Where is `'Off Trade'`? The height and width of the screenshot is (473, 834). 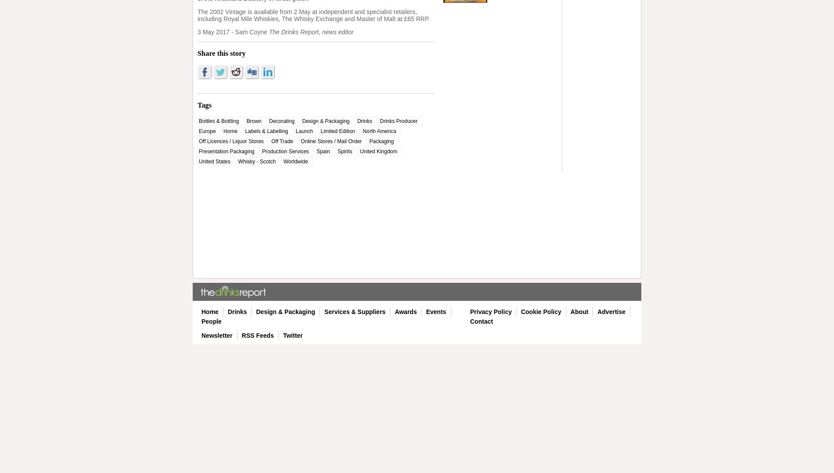 'Off Trade' is located at coordinates (282, 141).